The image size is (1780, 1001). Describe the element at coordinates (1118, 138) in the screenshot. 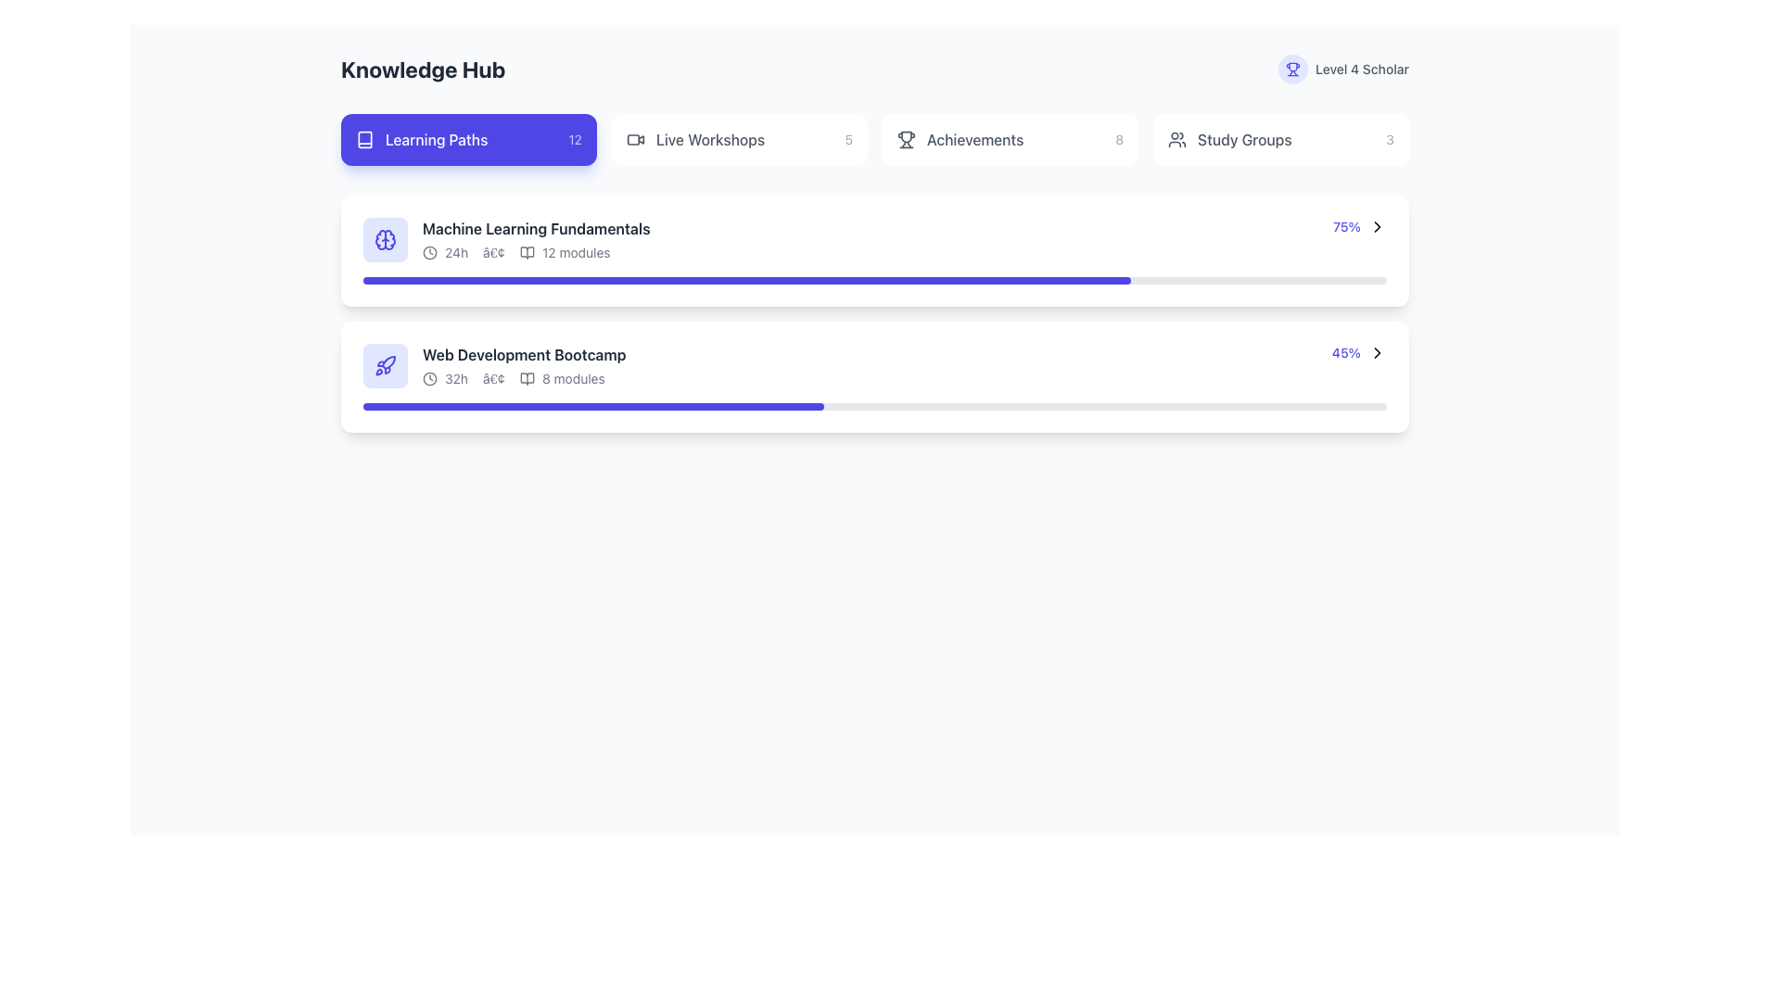

I see `the text label displaying the numerical count for achievements located in the top navigation bar, adjacent to the 'Achievements' label` at that location.